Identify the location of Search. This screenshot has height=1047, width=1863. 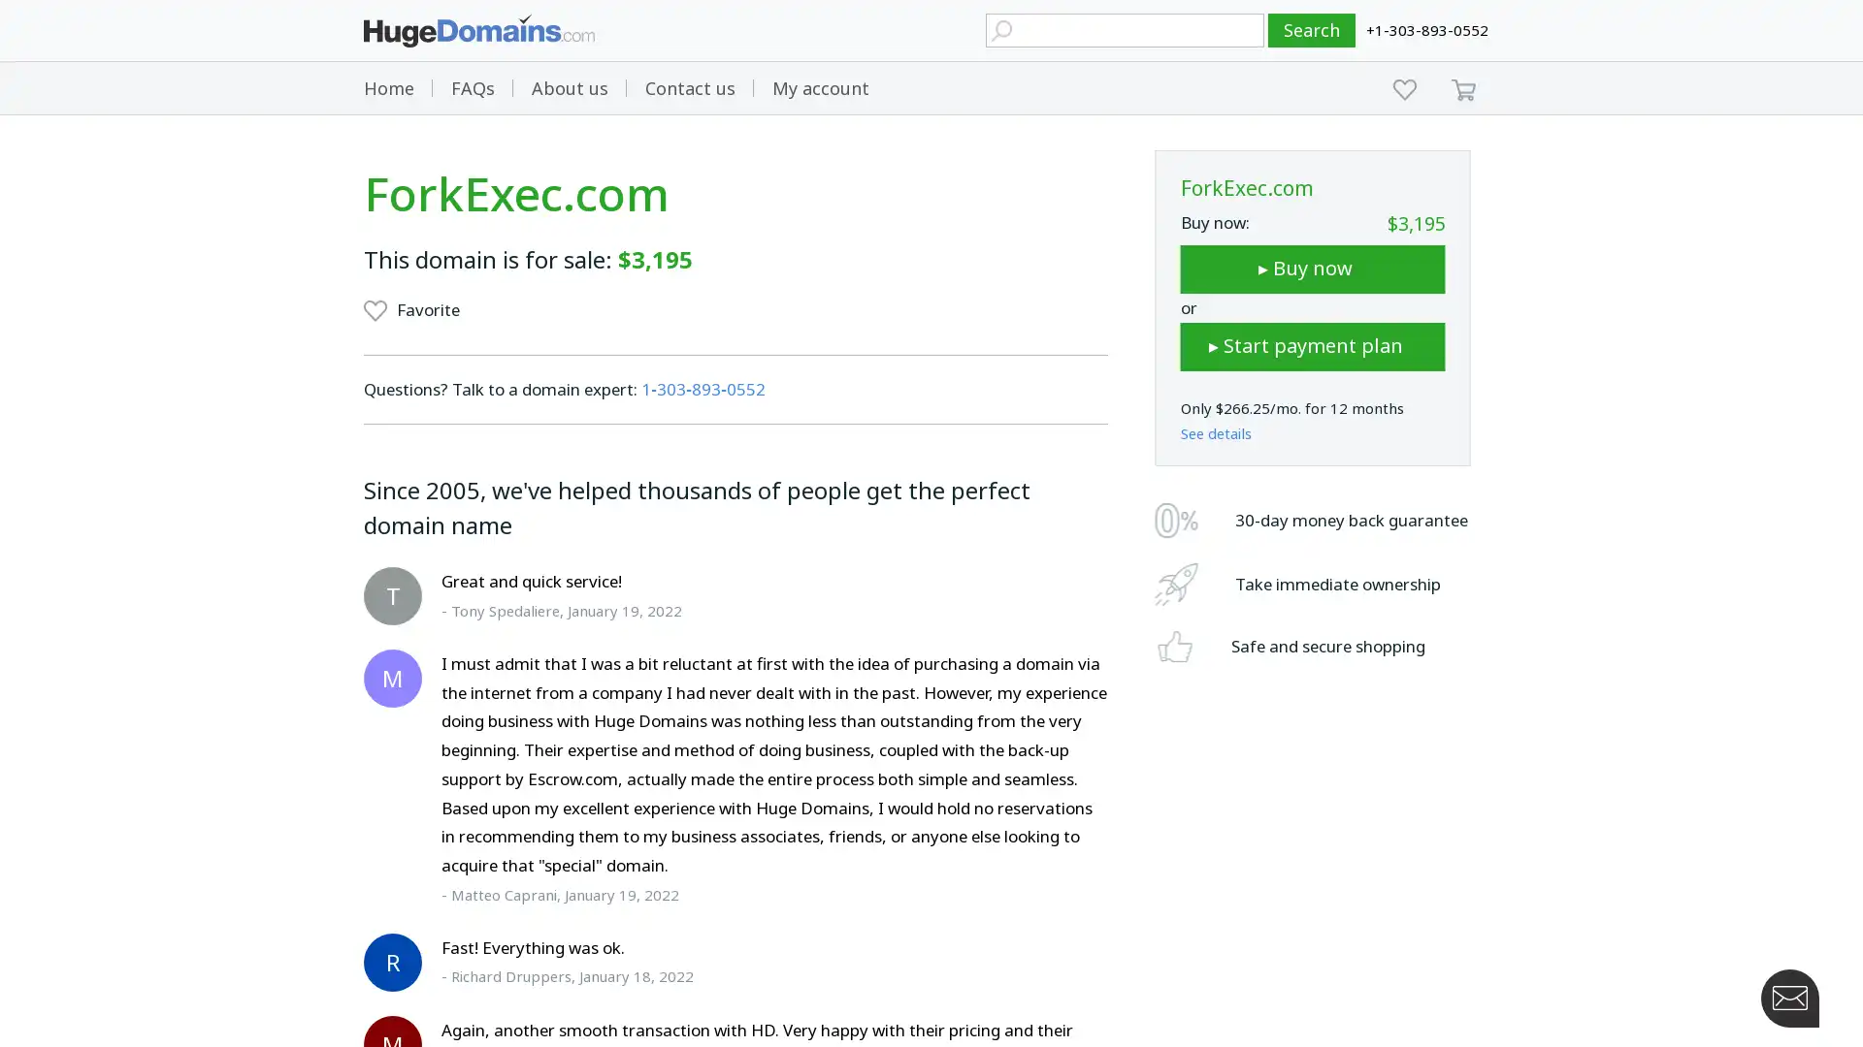
(1312, 30).